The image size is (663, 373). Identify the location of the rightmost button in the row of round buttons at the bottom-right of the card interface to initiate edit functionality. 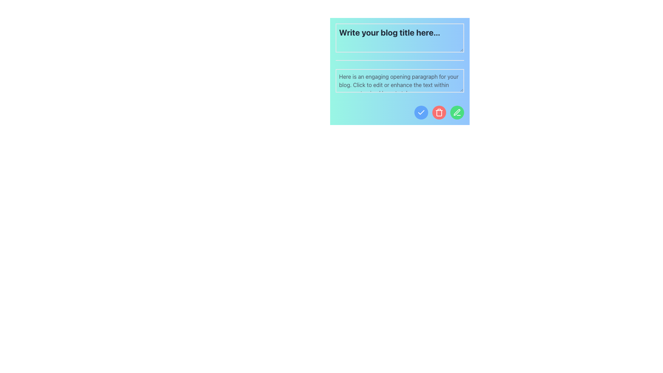
(457, 112).